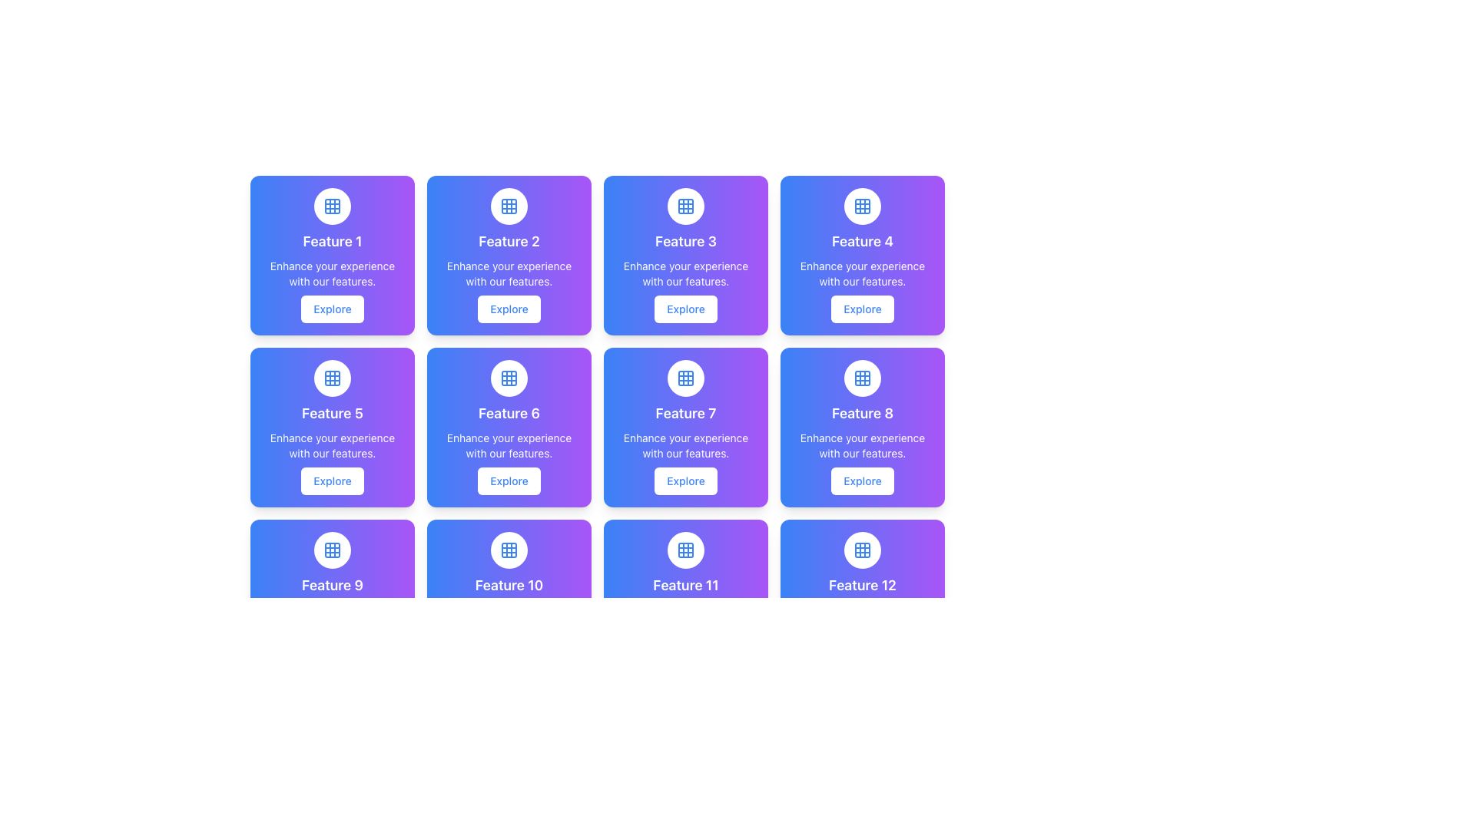 The image size is (1475, 829). Describe the element at coordinates (331, 273) in the screenshot. I see `the static text element located between the title 'Feature 1' and the 'Explore' button in the top-left card of the grid layout` at that location.